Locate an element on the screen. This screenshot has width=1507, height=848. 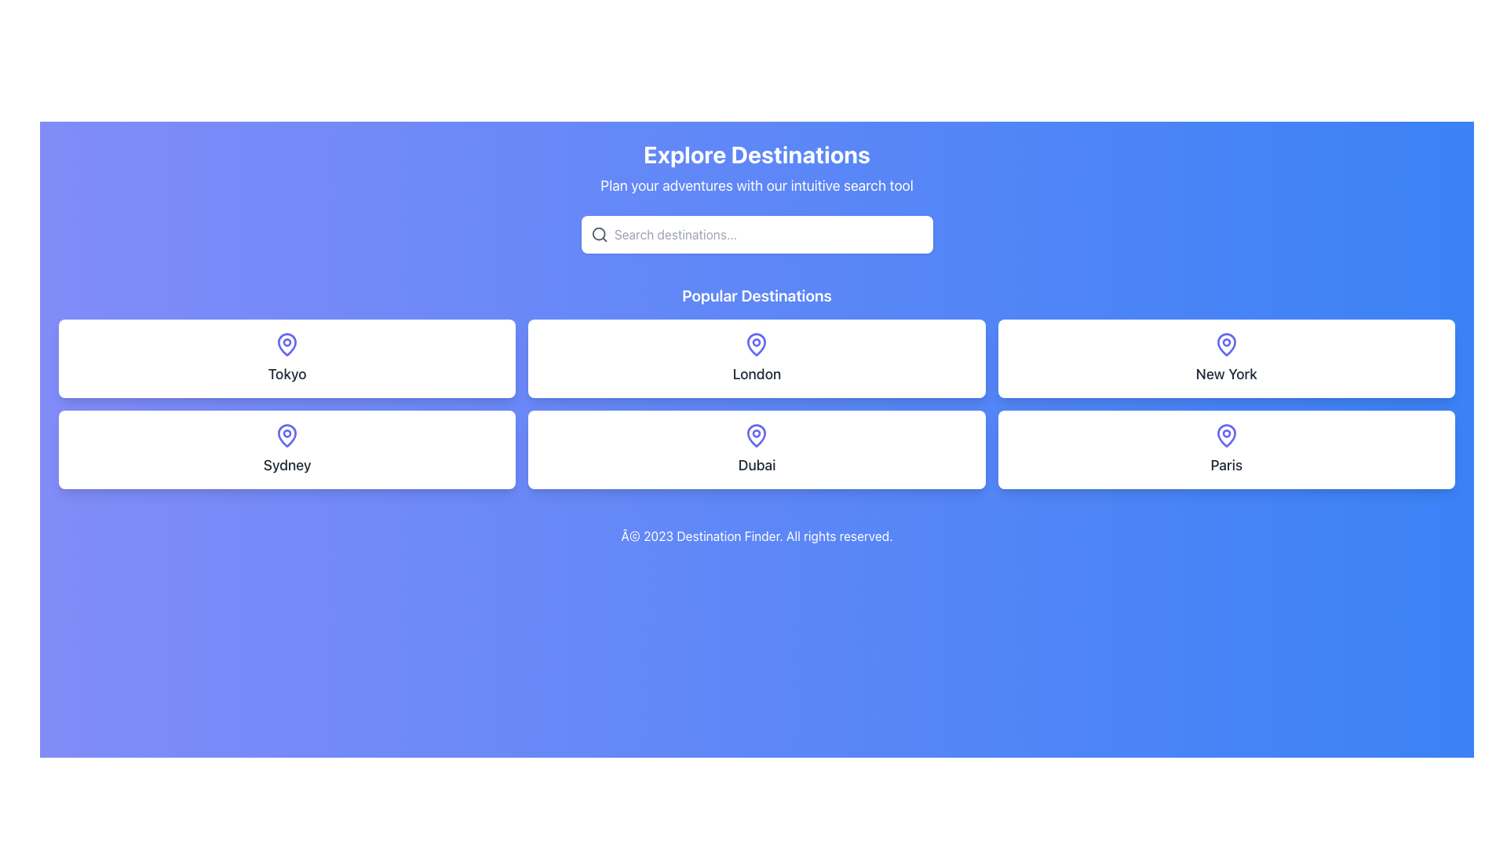
the magnifying glass icon located on the leftmost side of the search bar below the 'Explore Destinations' header is located at coordinates (598, 235).